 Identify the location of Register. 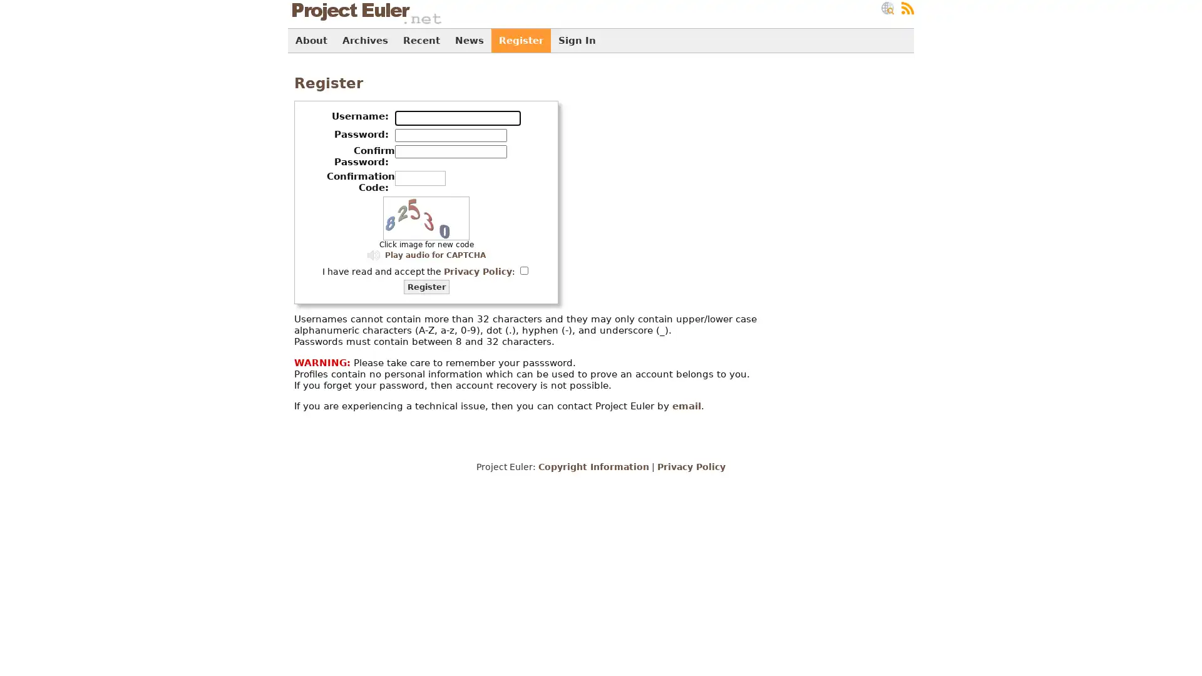
(426, 287).